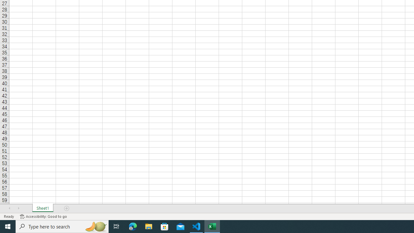 The height and width of the screenshot is (233, 414). What do you see at coordinates (42, 208) in the screenshot?
I see `'Sheet1'` at bounding box center [42, 208].